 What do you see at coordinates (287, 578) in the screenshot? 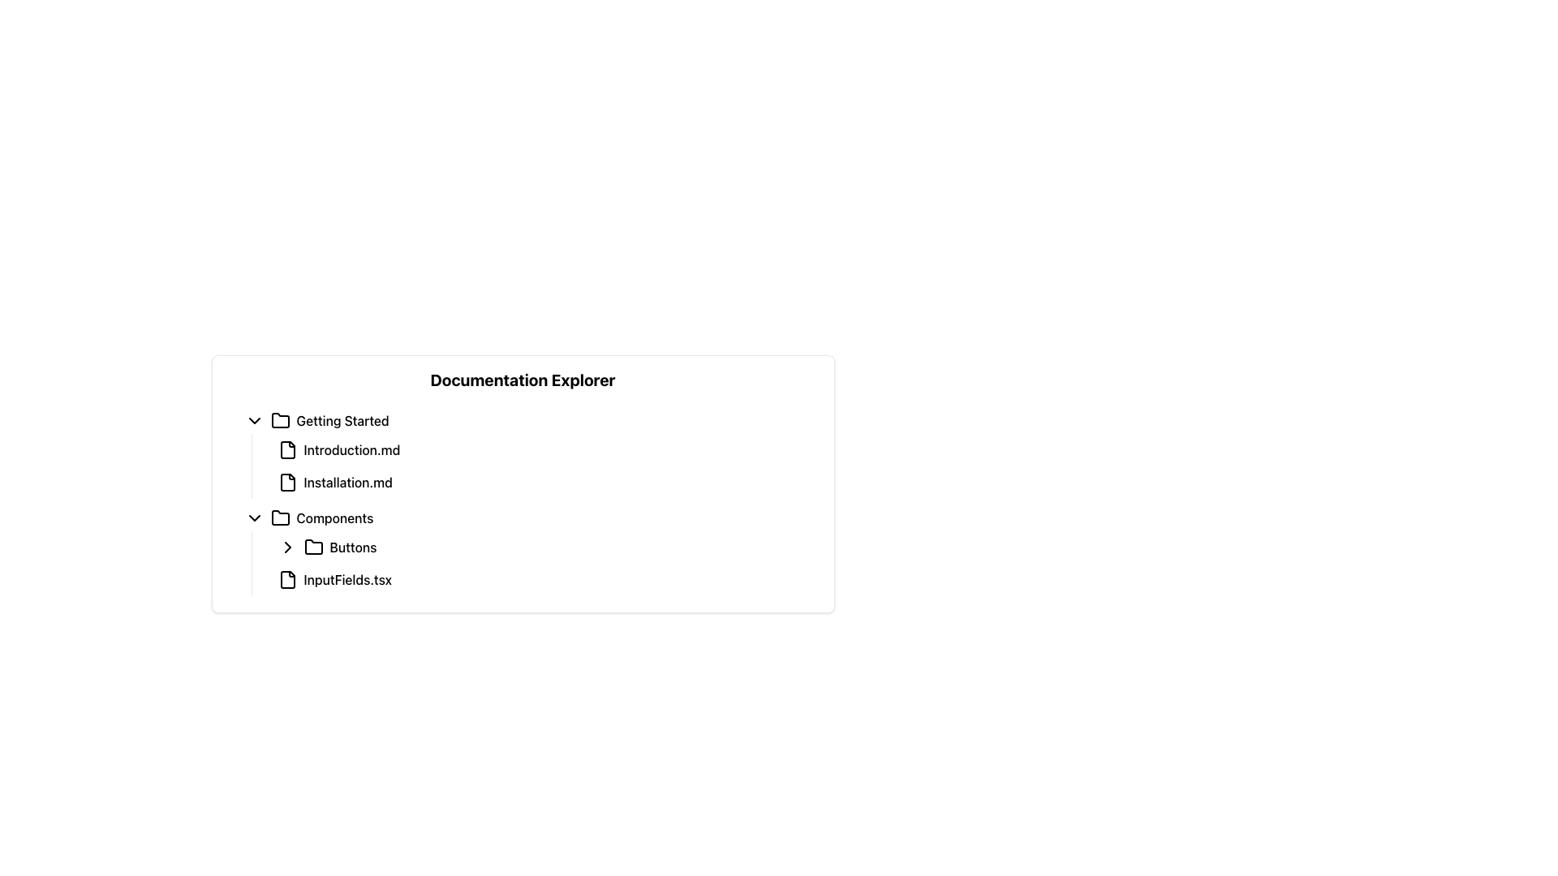
I see `the file document icon located next to the text 'InputFields.tsx' in the expanded 'Components' section` at bounding box center [287, 578].